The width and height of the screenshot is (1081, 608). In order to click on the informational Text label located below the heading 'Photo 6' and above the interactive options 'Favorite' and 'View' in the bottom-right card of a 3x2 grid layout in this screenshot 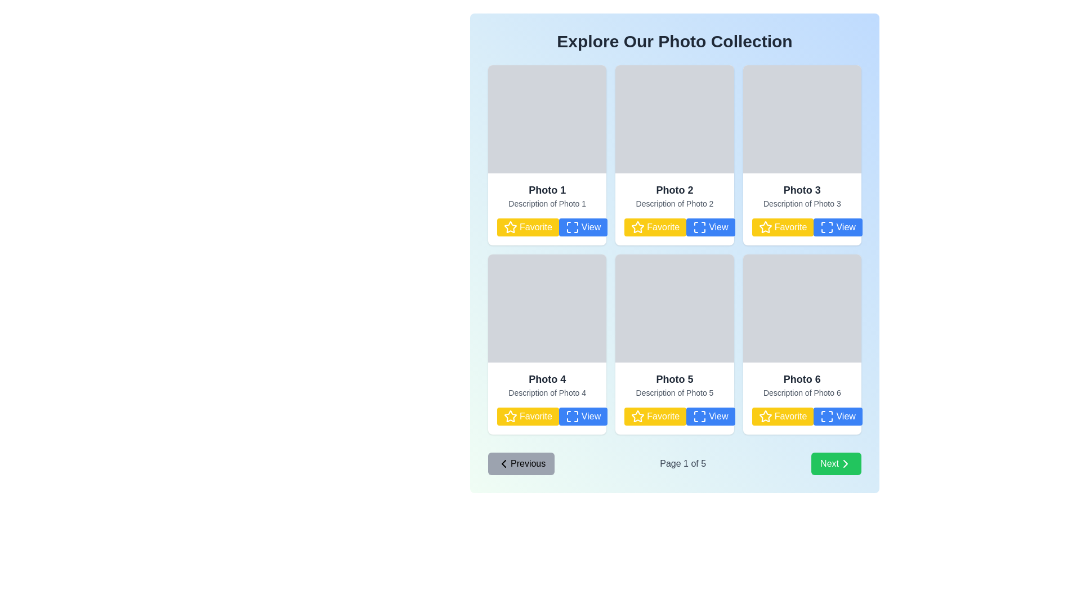, I will do `click(801, 392)`.